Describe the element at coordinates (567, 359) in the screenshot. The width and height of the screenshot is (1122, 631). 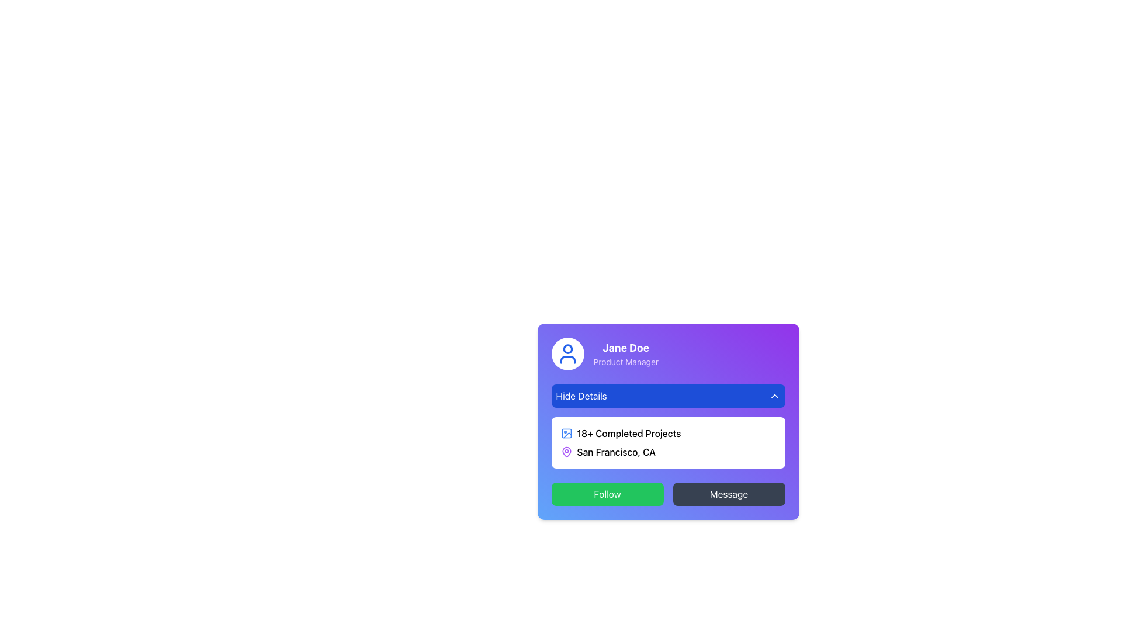
I see `the curved line forming the semi-oval shape at the bottom of the user profile icon, which represents the neck or shoulder area` at that location.